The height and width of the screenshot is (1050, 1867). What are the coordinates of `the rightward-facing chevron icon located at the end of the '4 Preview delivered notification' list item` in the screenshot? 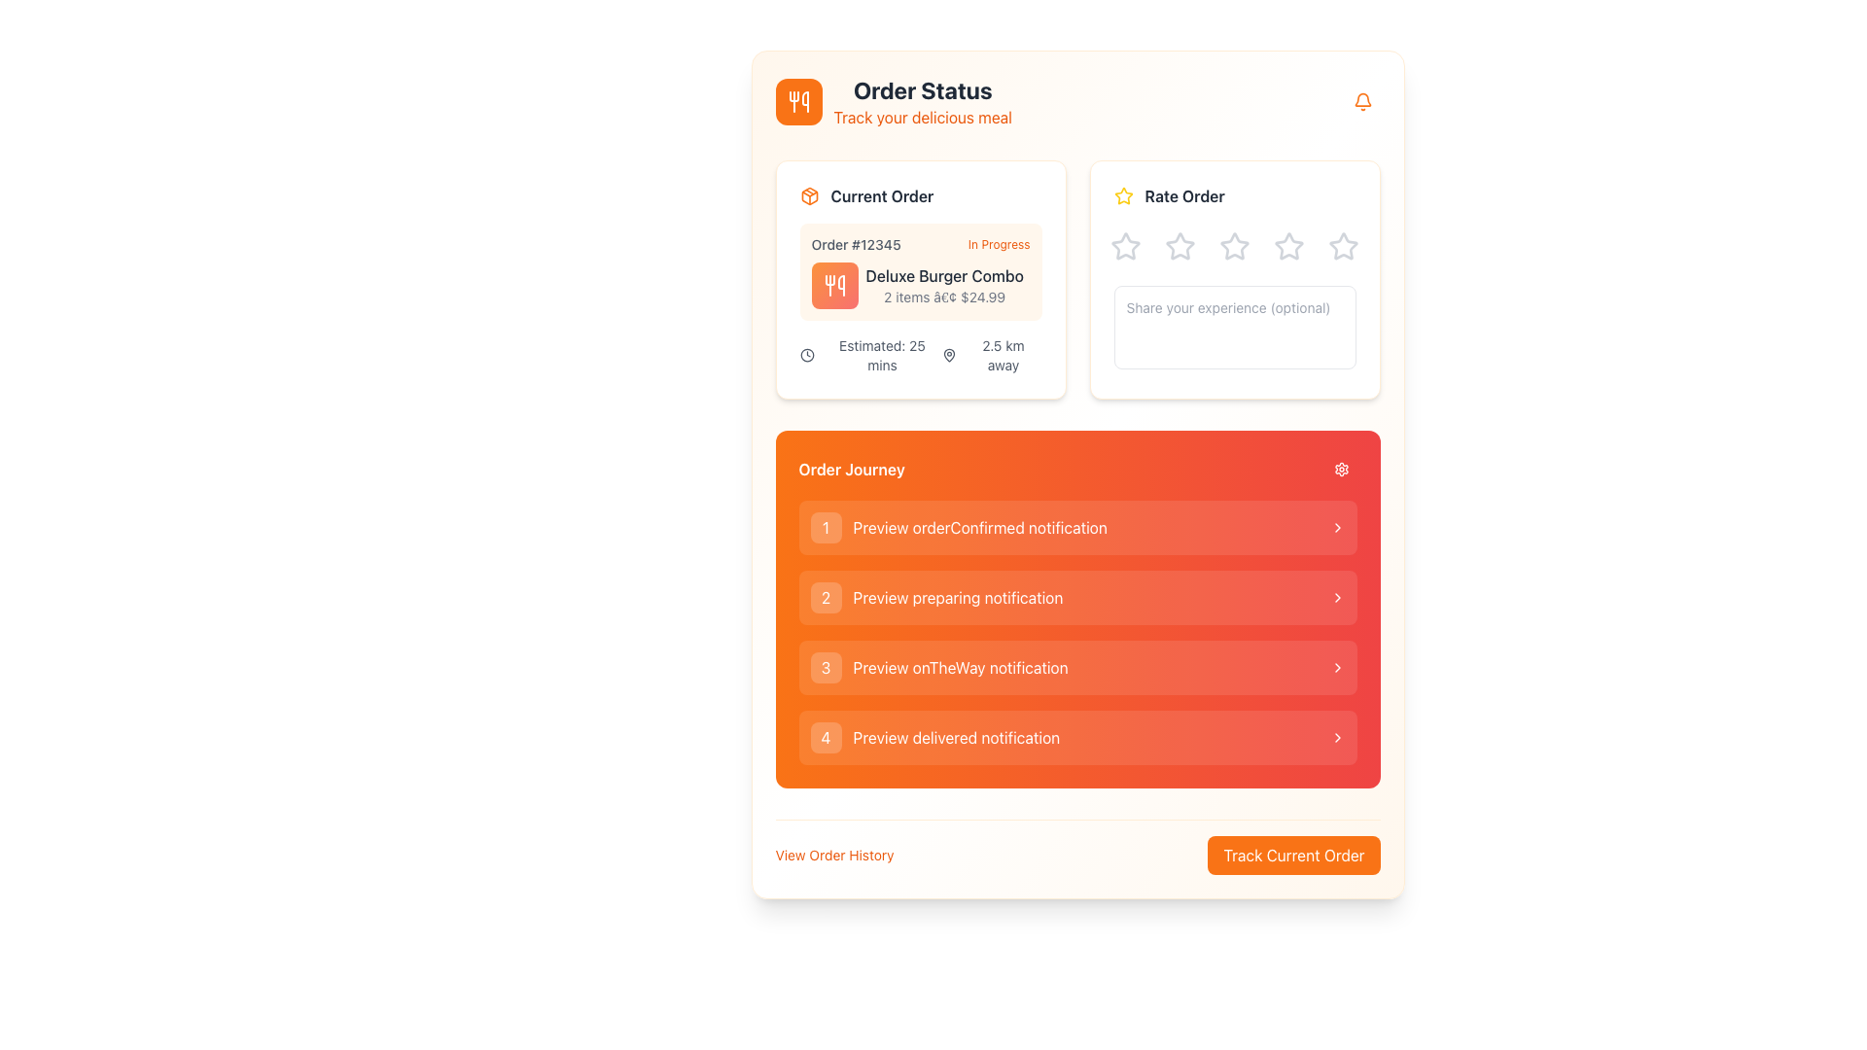 It's located at (1336, 738).